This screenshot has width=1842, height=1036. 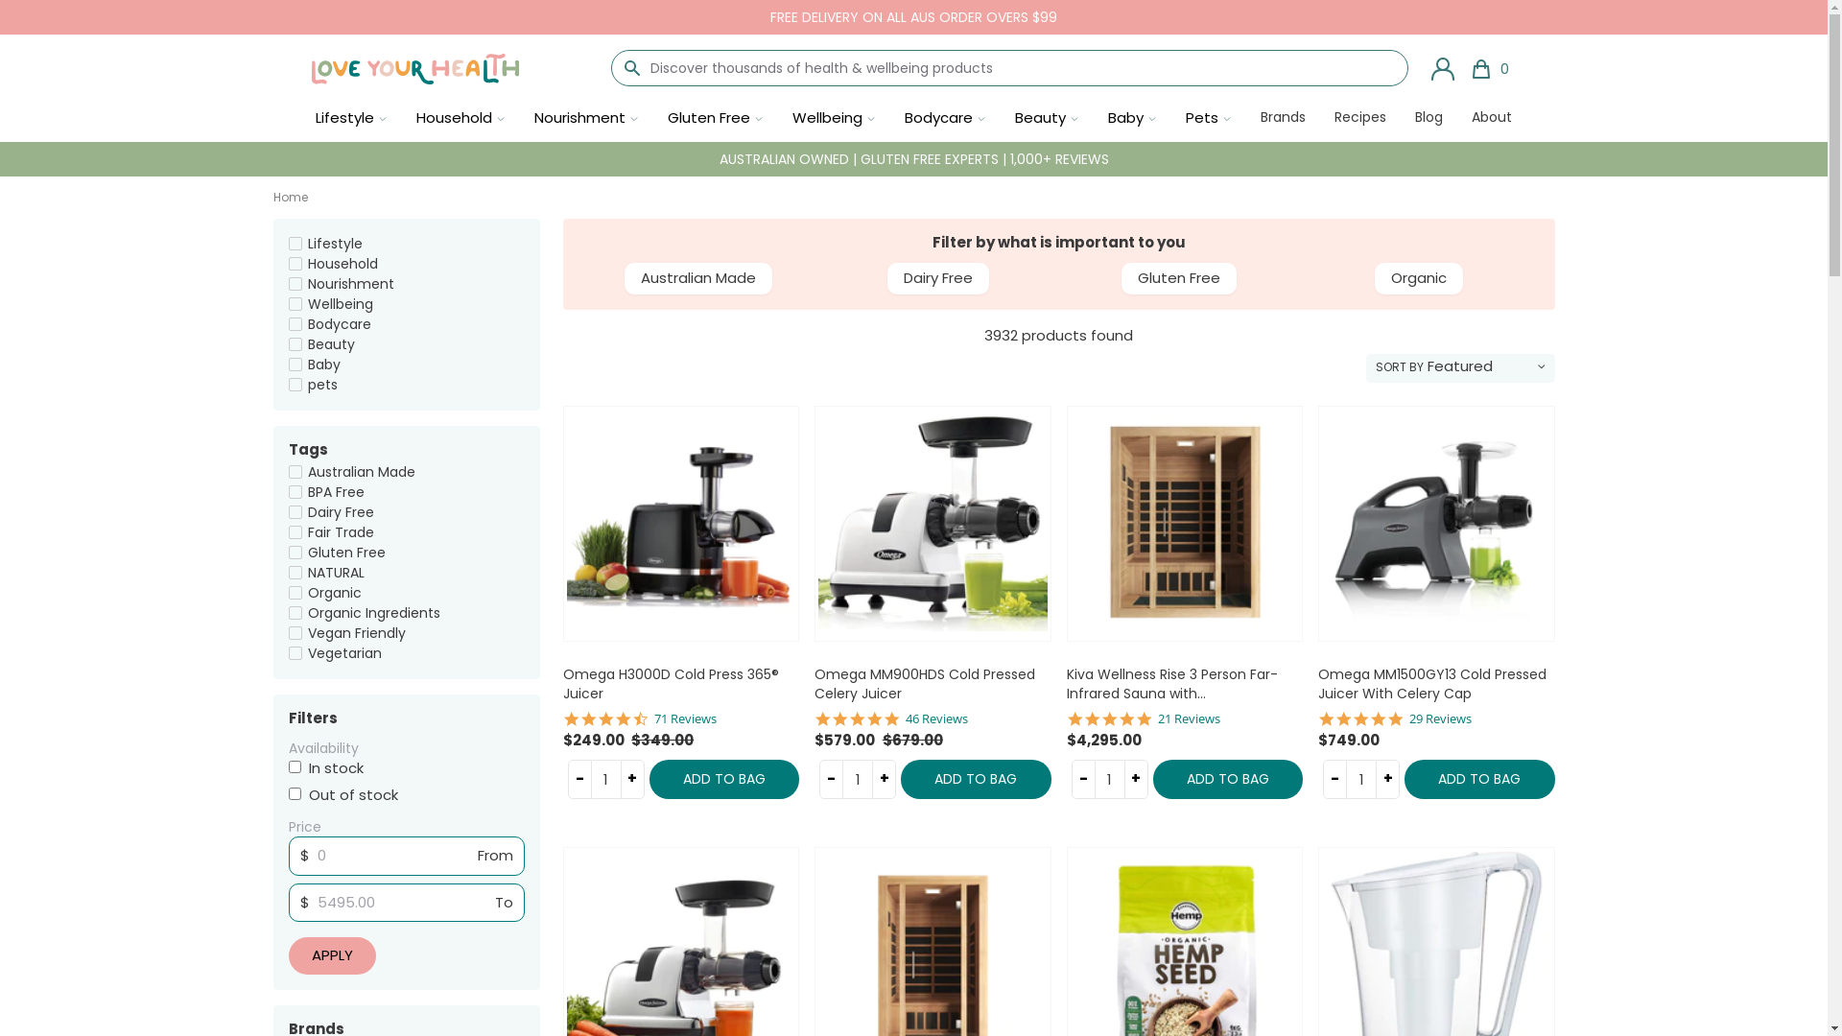 I want to click on '-', so click(x=579, y=779).